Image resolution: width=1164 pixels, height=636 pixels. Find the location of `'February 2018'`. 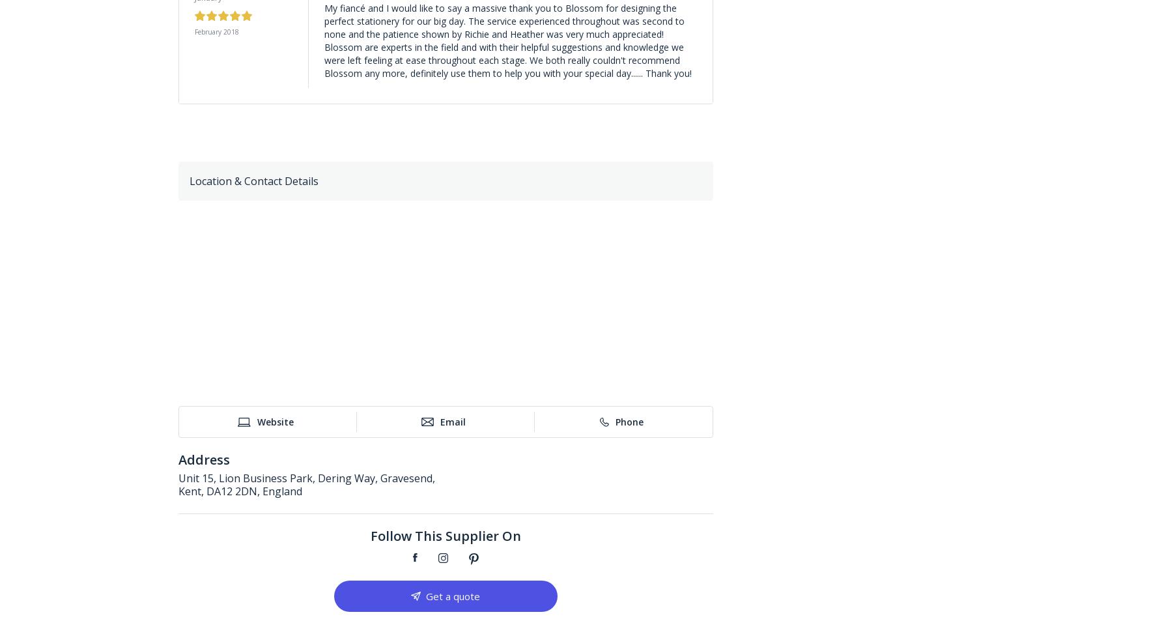

'February 2018' is located at coordinates (216, 31).